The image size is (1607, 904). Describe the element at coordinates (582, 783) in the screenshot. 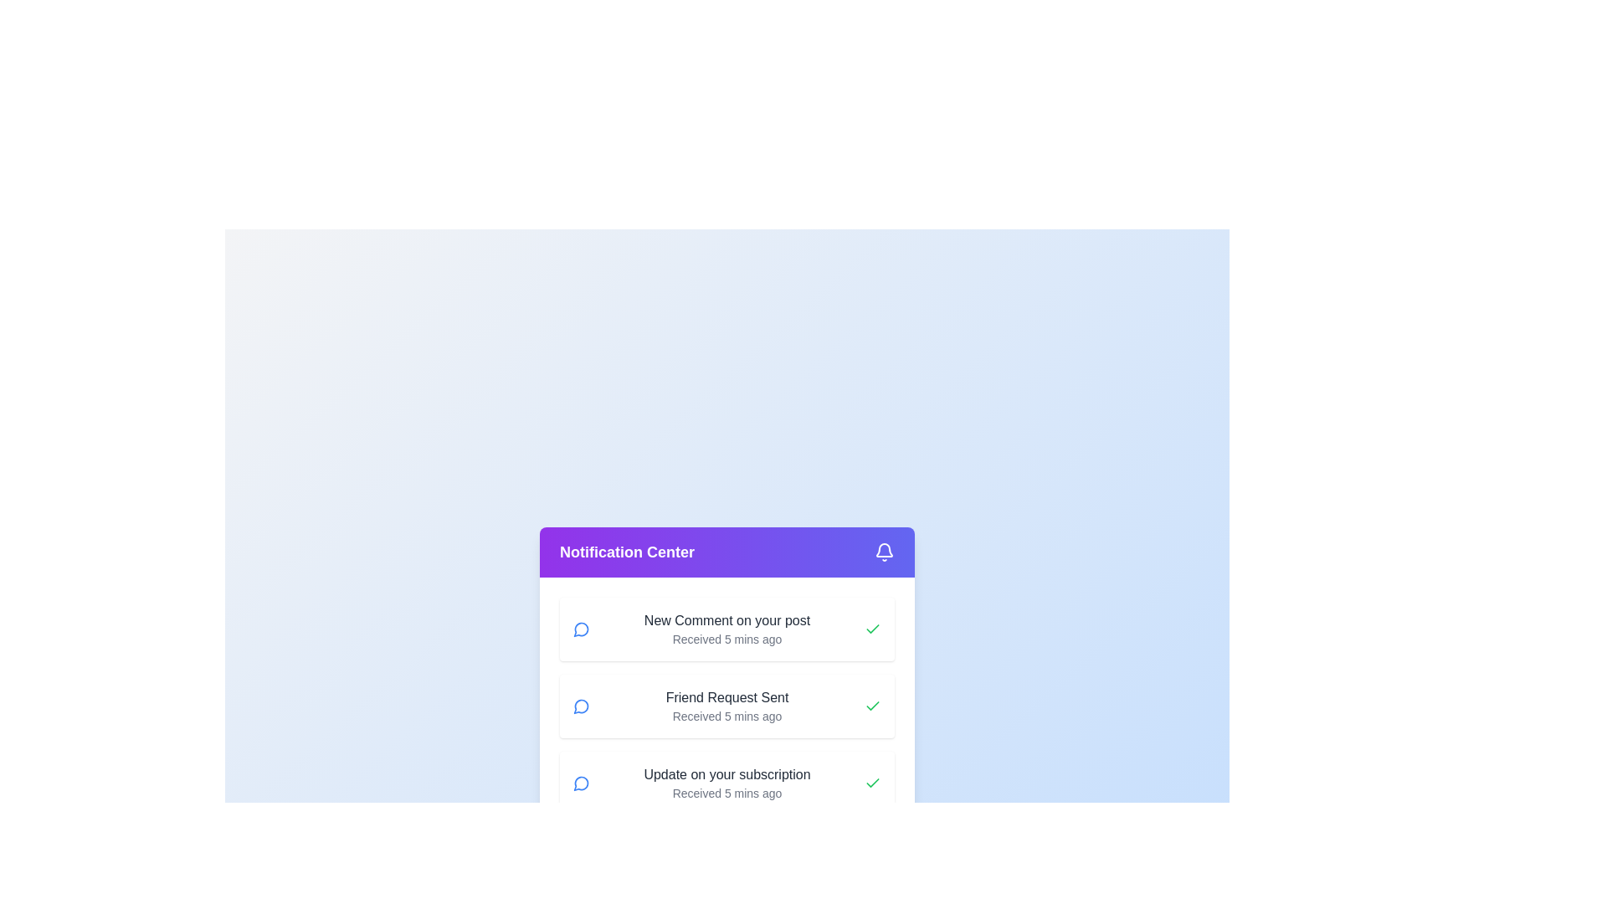

I see `the notification icon indicating a message or comment related to 'Update on your subscription', located in the third notification item from the top` at that location.